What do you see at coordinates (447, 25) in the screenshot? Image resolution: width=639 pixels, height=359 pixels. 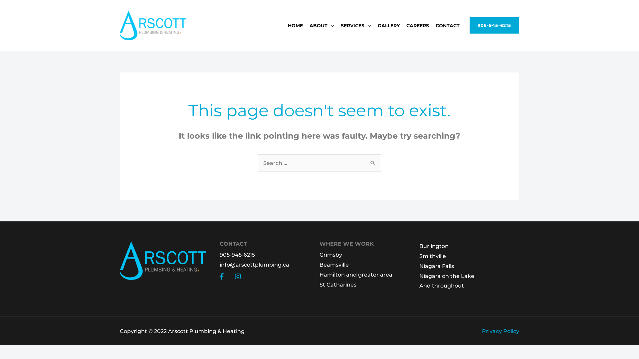 I see `'CONTACT'` at bounding box center [447, 25].